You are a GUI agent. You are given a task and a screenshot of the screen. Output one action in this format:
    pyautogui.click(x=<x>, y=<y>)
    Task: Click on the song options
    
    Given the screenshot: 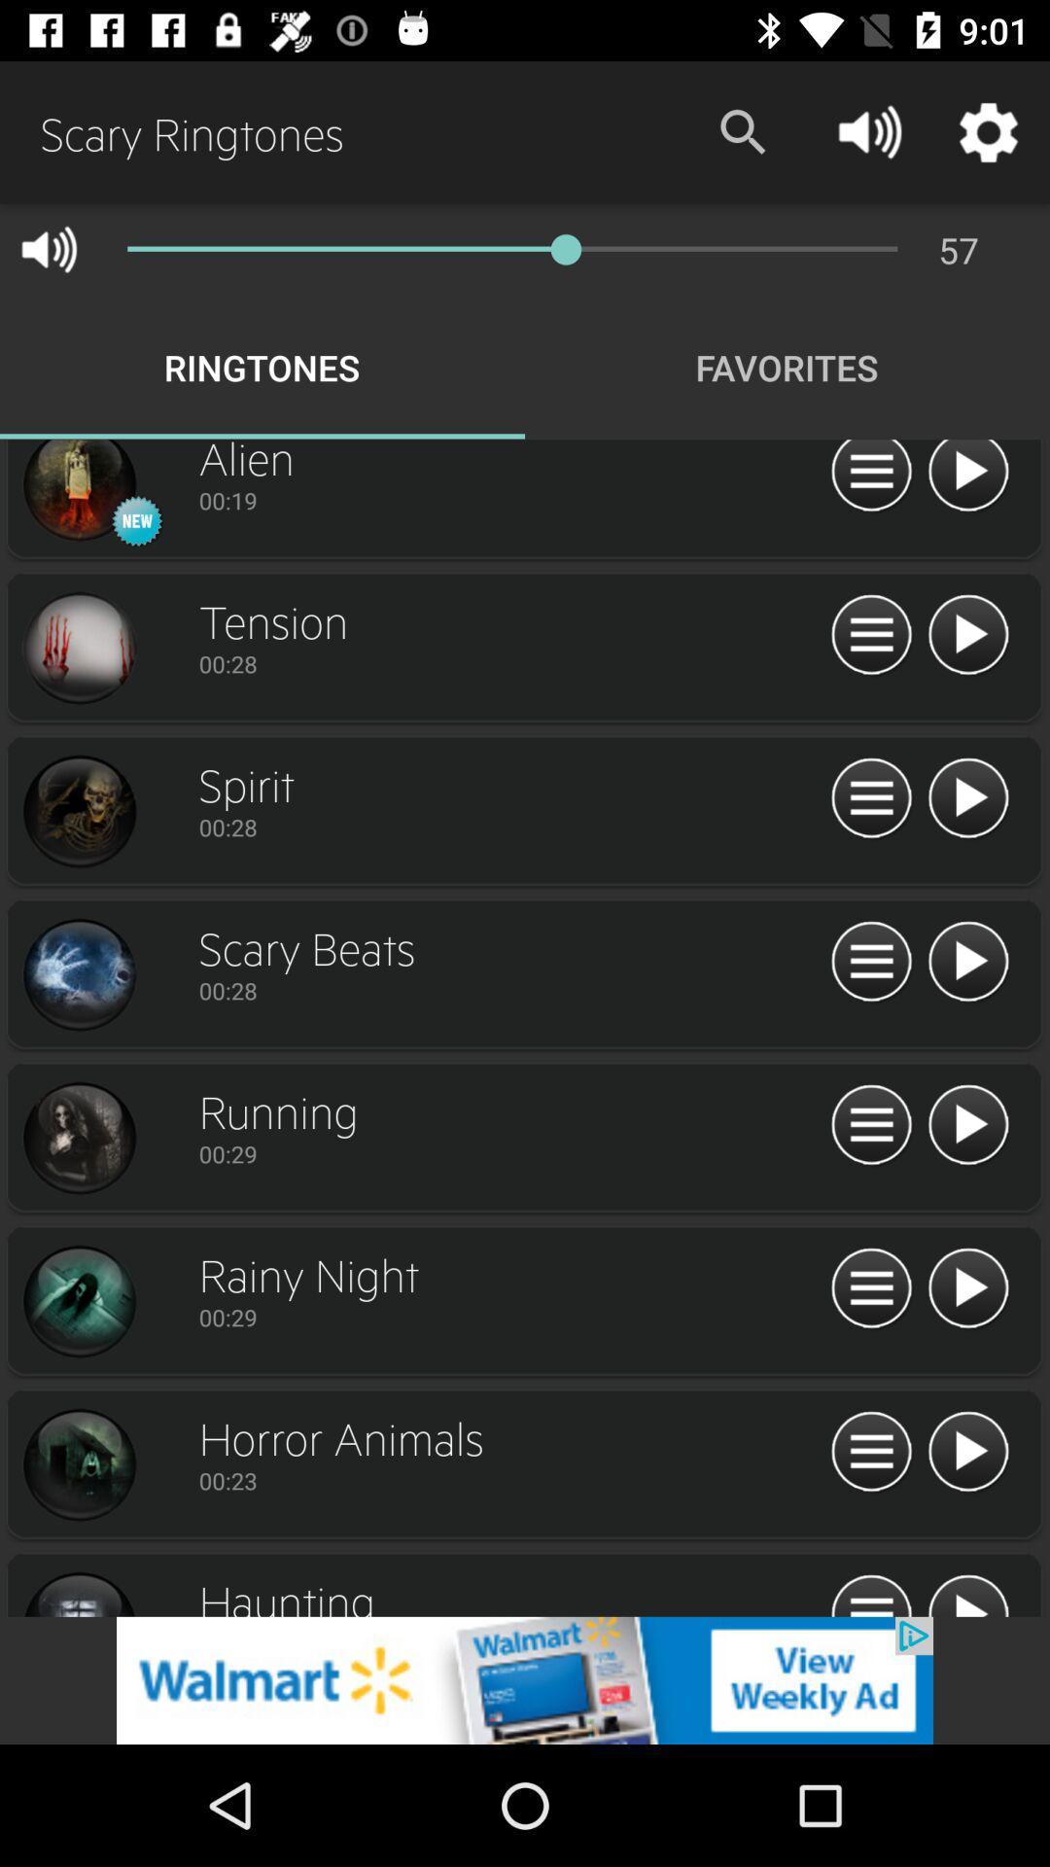 What is the action you would take?
    pyautogui.click(x=870, y=962)
    